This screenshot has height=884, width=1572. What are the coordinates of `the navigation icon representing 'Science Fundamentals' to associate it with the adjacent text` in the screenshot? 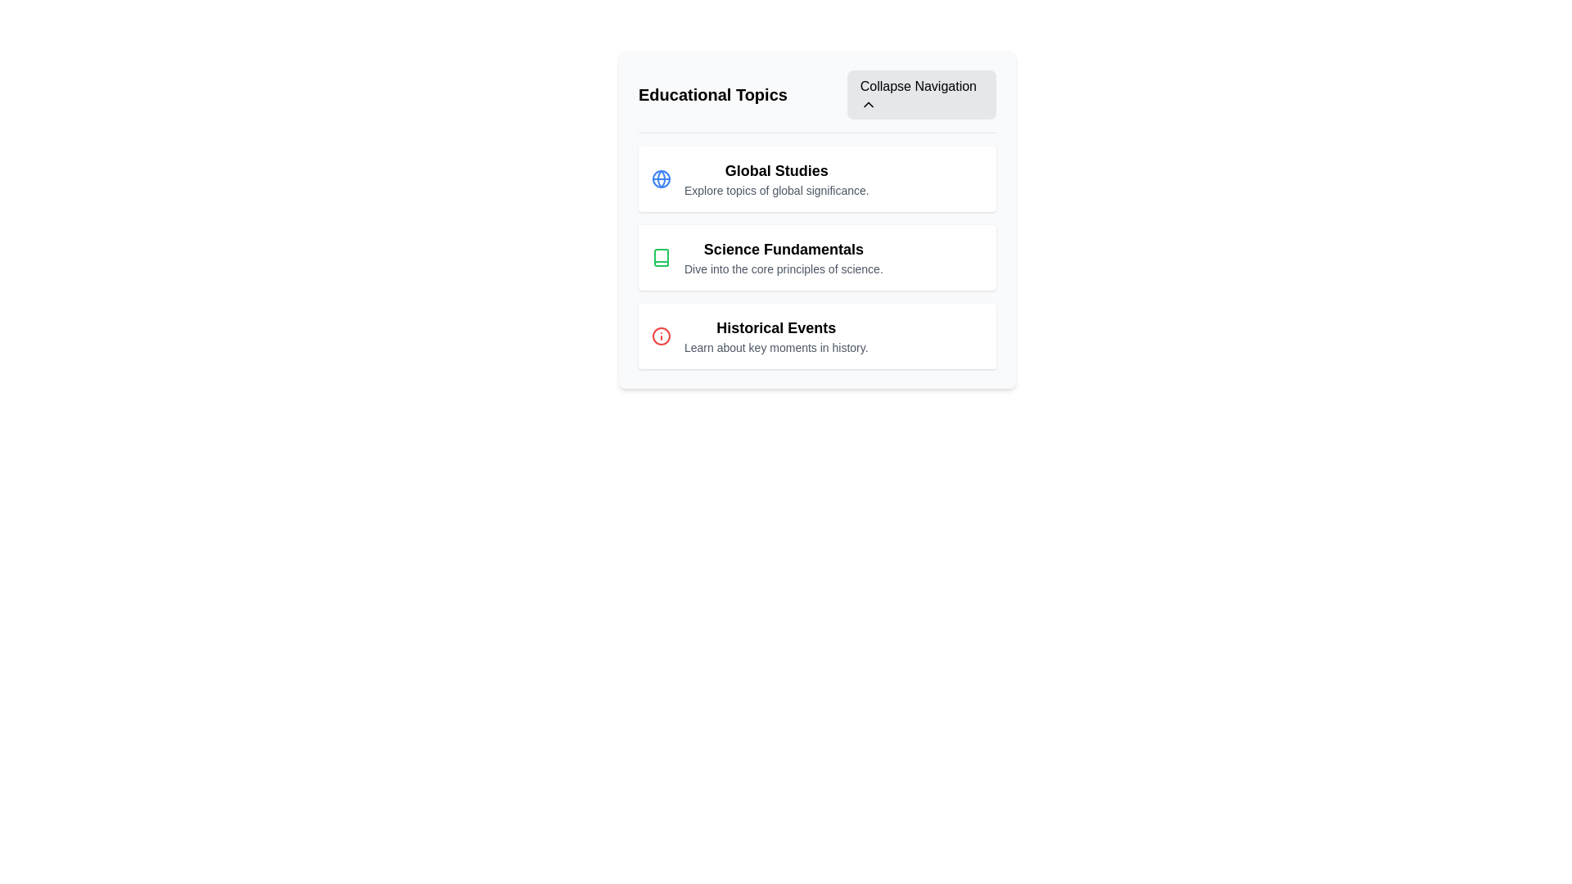 It's located at (661, 258).